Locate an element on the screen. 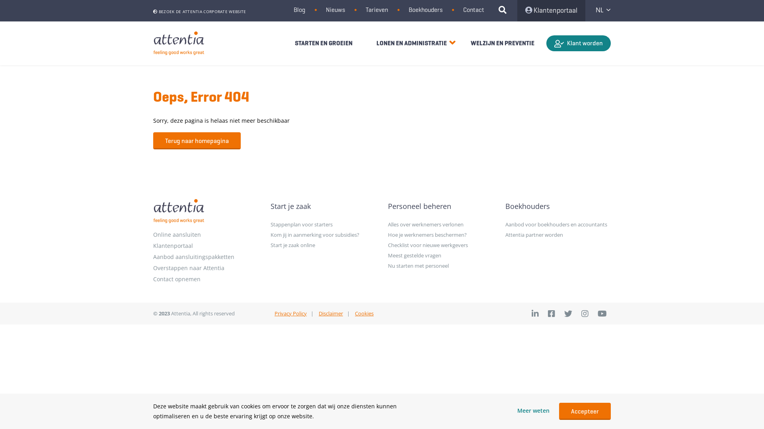 The width and height of the screenshot is (764, 429). 'LONEN EN ADMINISTRATIE' is located at coordinates (411, 43).